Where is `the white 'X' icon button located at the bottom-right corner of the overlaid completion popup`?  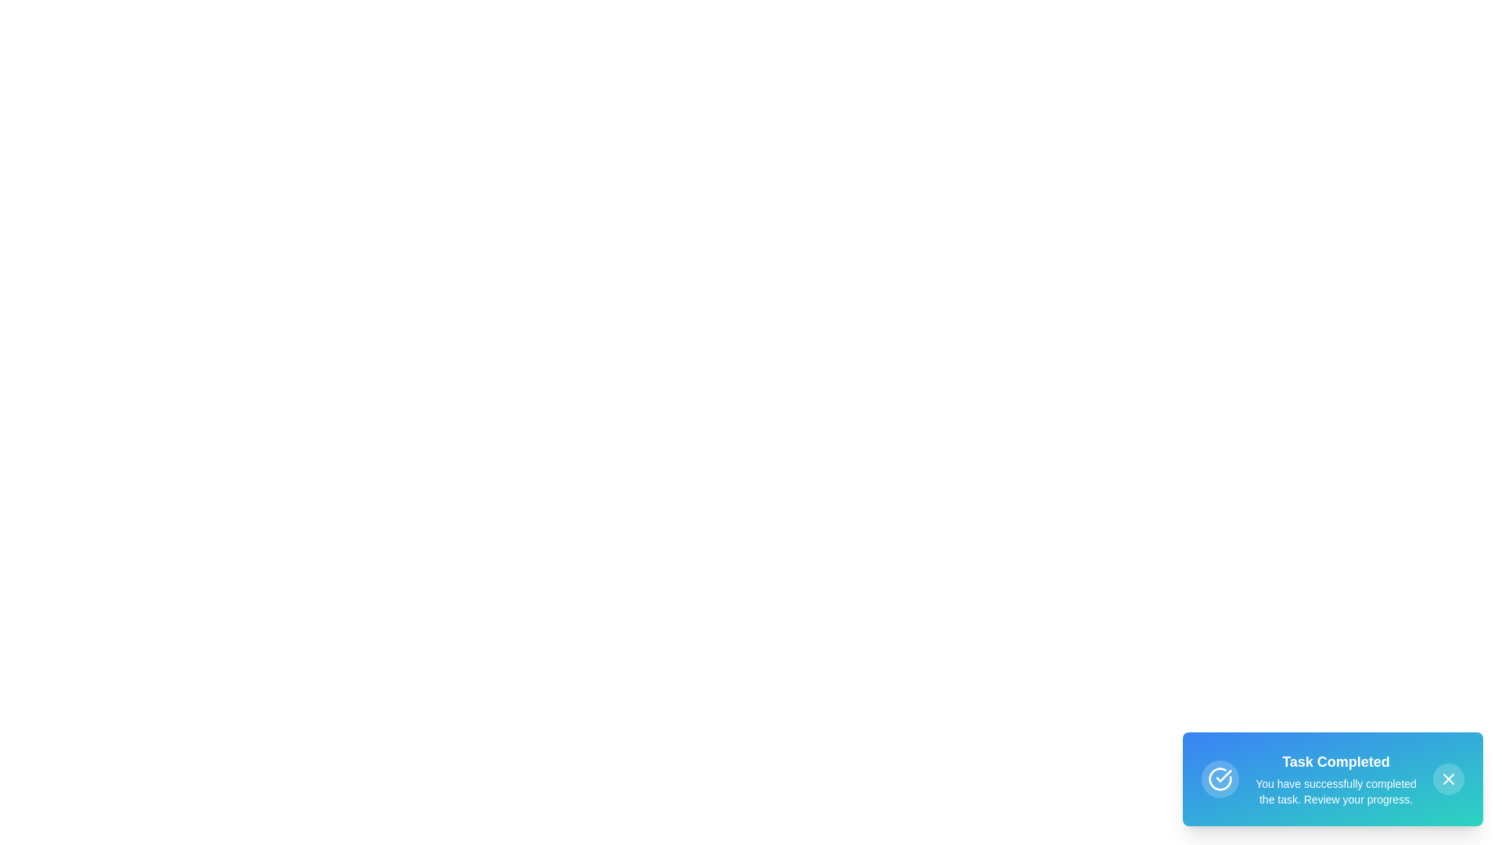 the white 'X' icon button located at the bottom-right corner of the overlaid completion popup is located at coordinates (1448, 778).